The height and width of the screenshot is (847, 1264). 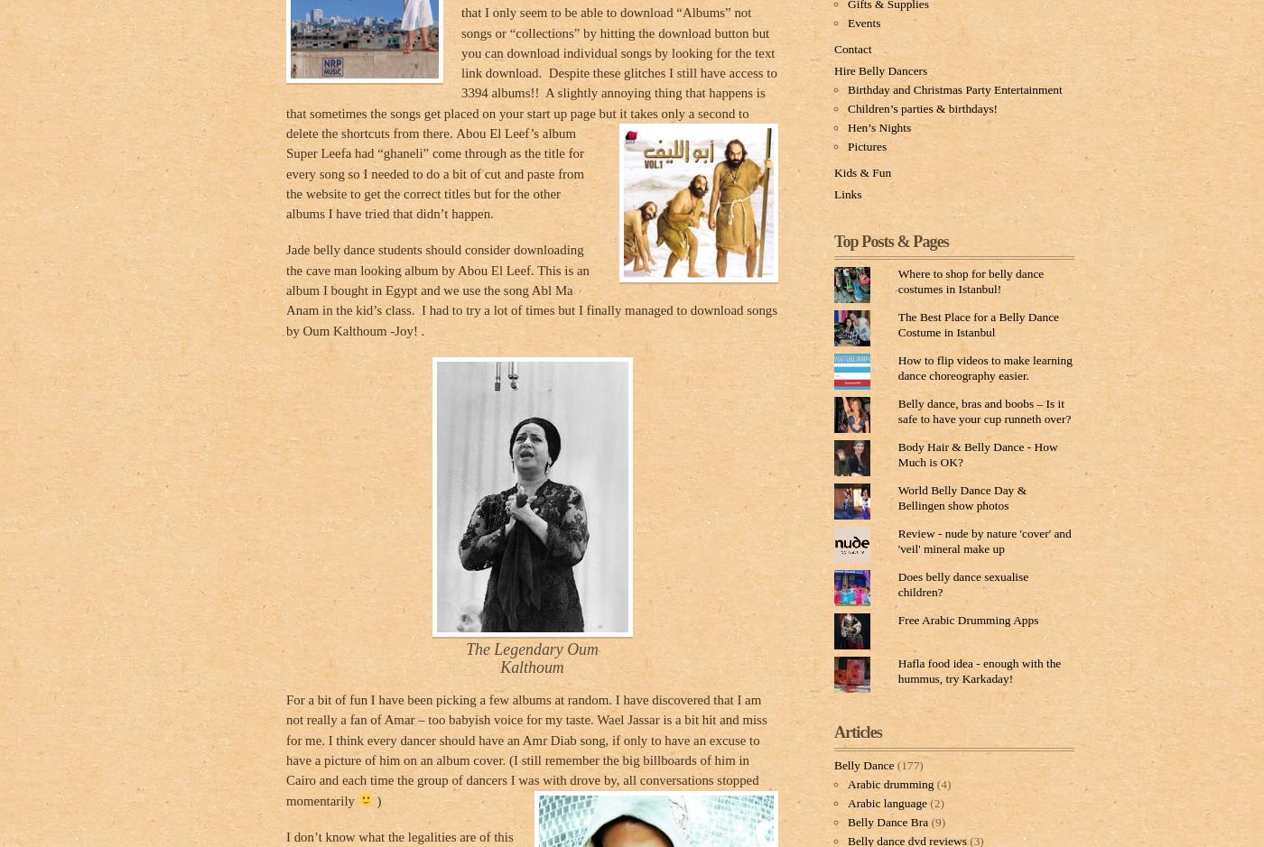 What do you see at coordinates (834, 171) in the screenshot?
I see `'Kids & Fun'` at bounding box center [834, 171].